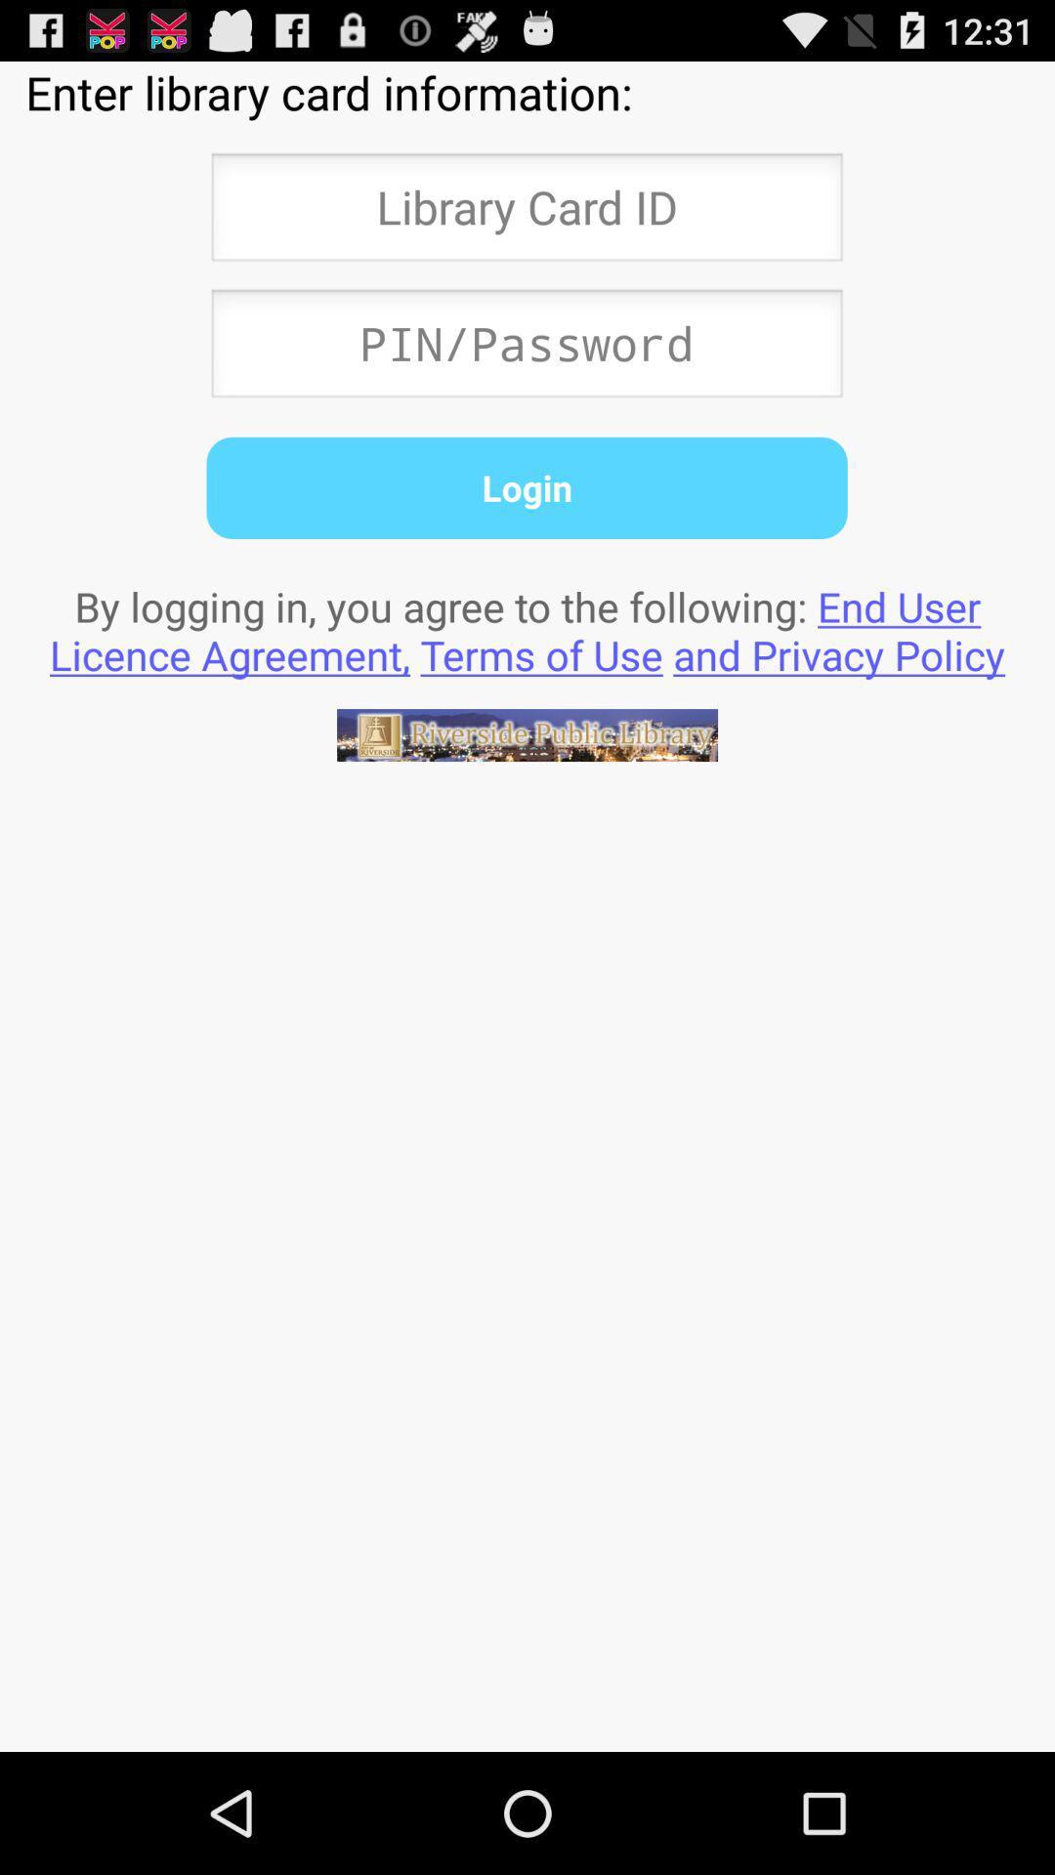 The height and width of the screenshot is (1875, 1055). I want to click on login, so click(526, 487).